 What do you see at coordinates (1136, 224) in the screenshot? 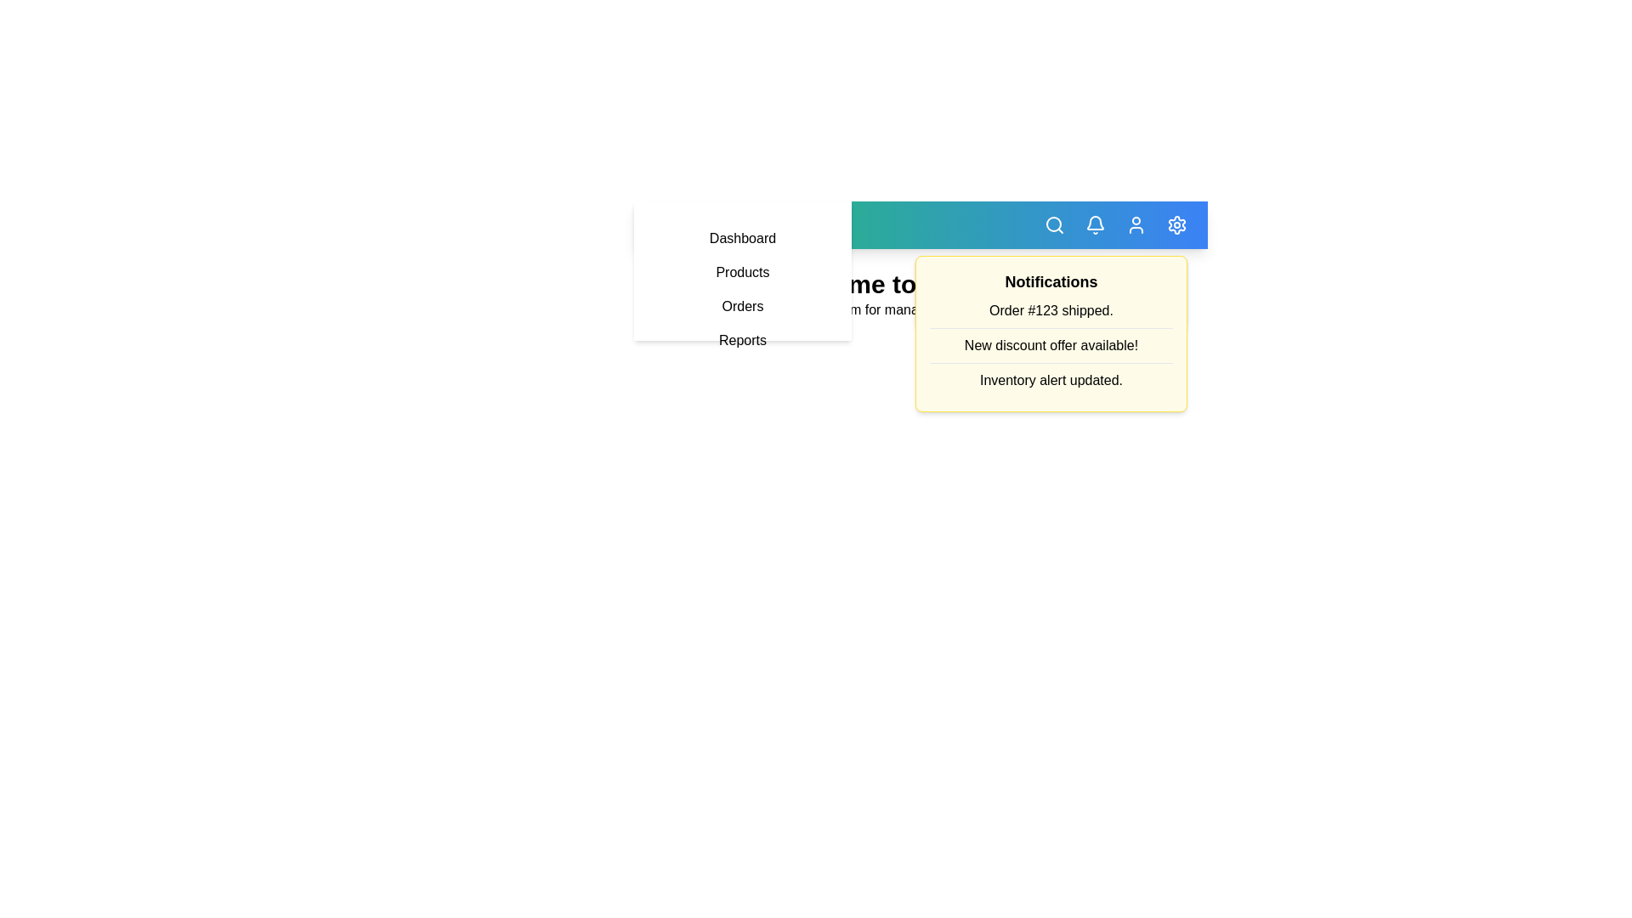
I see `the interactive icon located in the header bar, positioned to the right of the bell icon and to the left of the gear icon` at bounding box center [1136, 224].